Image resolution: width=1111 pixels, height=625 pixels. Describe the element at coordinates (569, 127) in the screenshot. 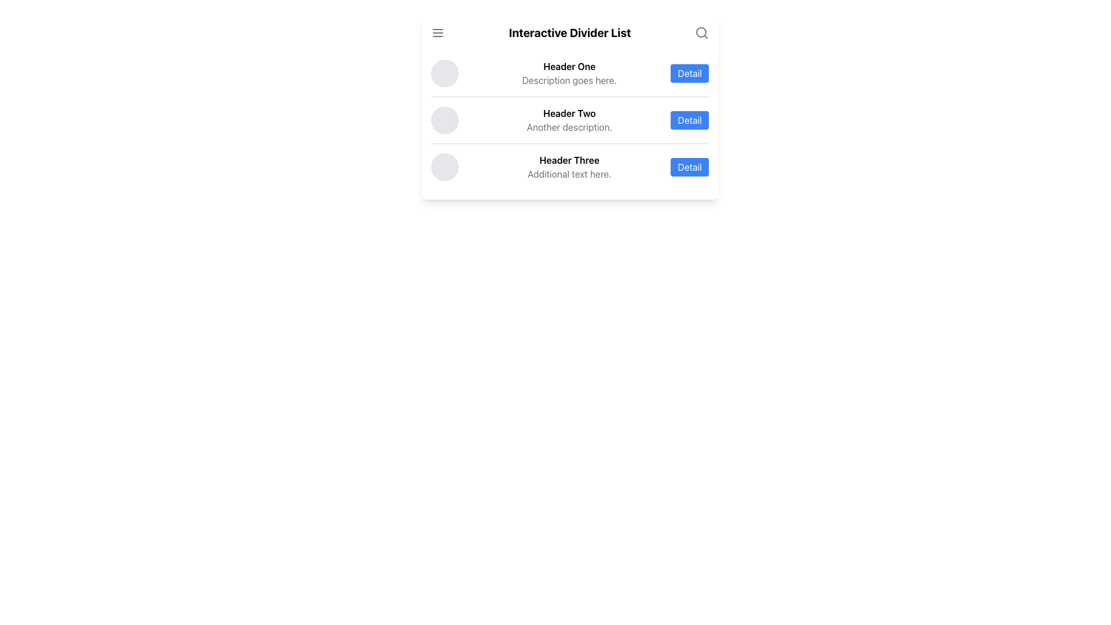

I see `the Static Text Label displaying 'Another description.' which is located directly below 'Header Two' in the interface list` at that location.